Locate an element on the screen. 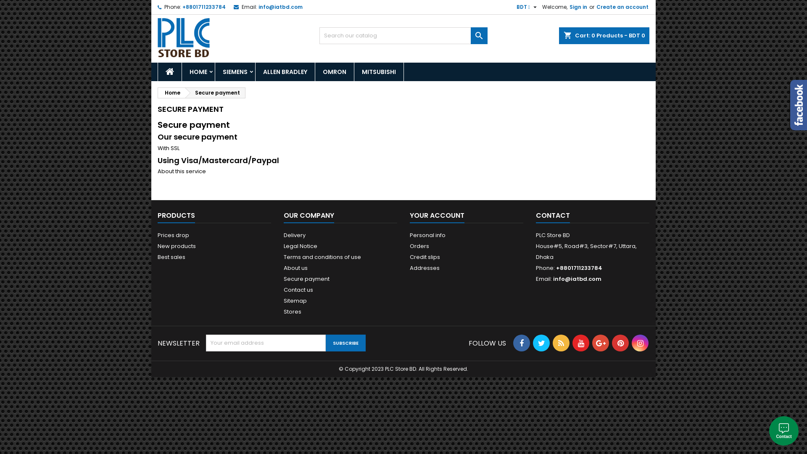  'Best sales' is located at coordinates (171, 256).